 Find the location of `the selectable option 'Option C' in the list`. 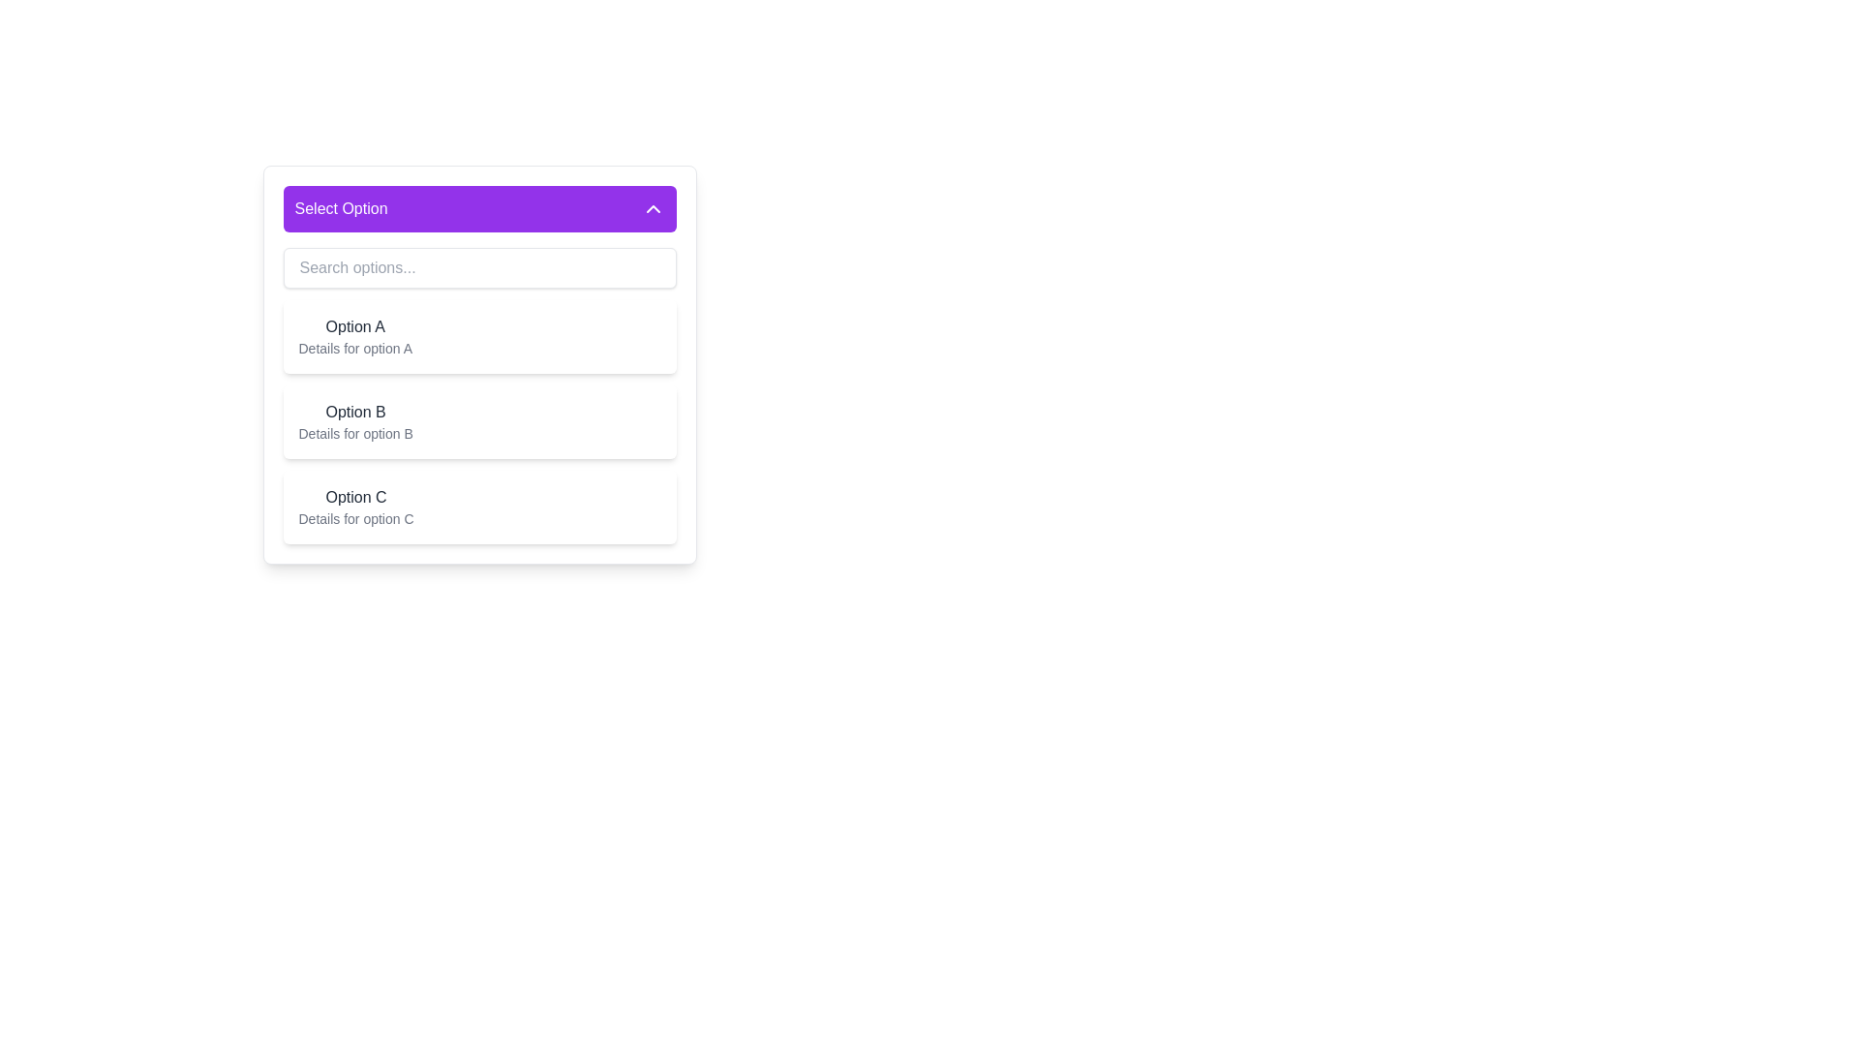

the selectable option 'Option C' in the list is located at coordinates (356, 507).